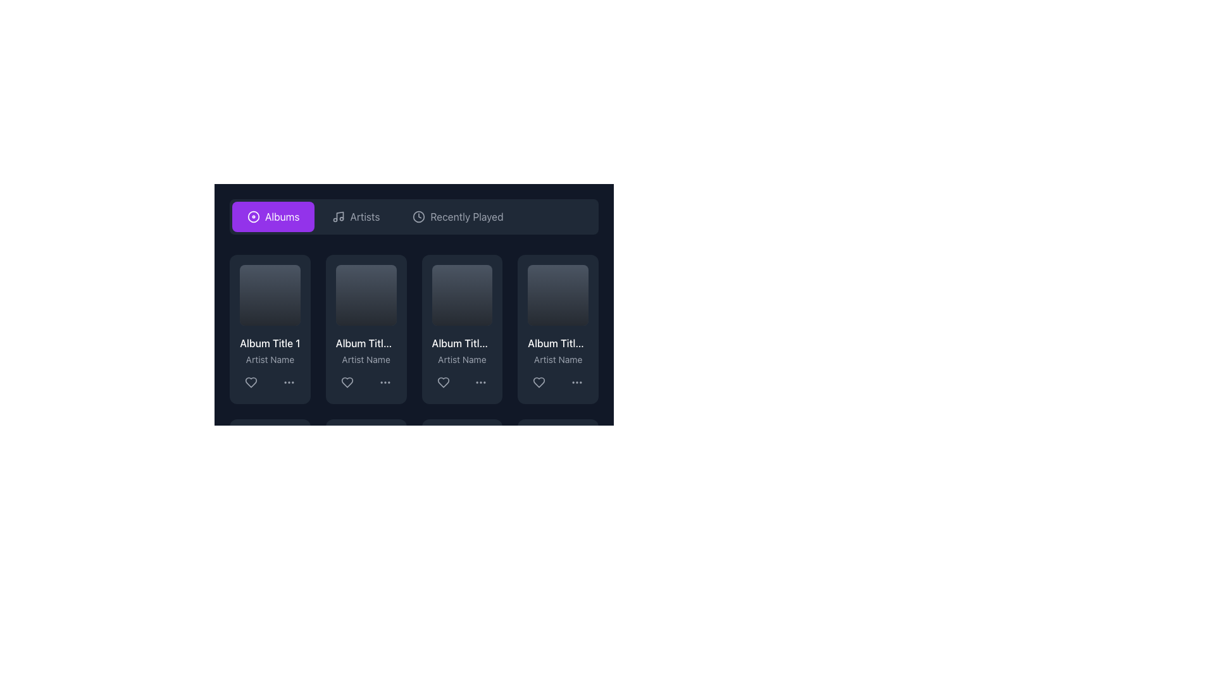 The height and width of the screenshot is (683, 1215). What do you see at coordinates (288, 381) in the screenshot?
I see `the ellipsis icon button located in the bottom-right corner of the first album card` at bounding box center [288, 381].